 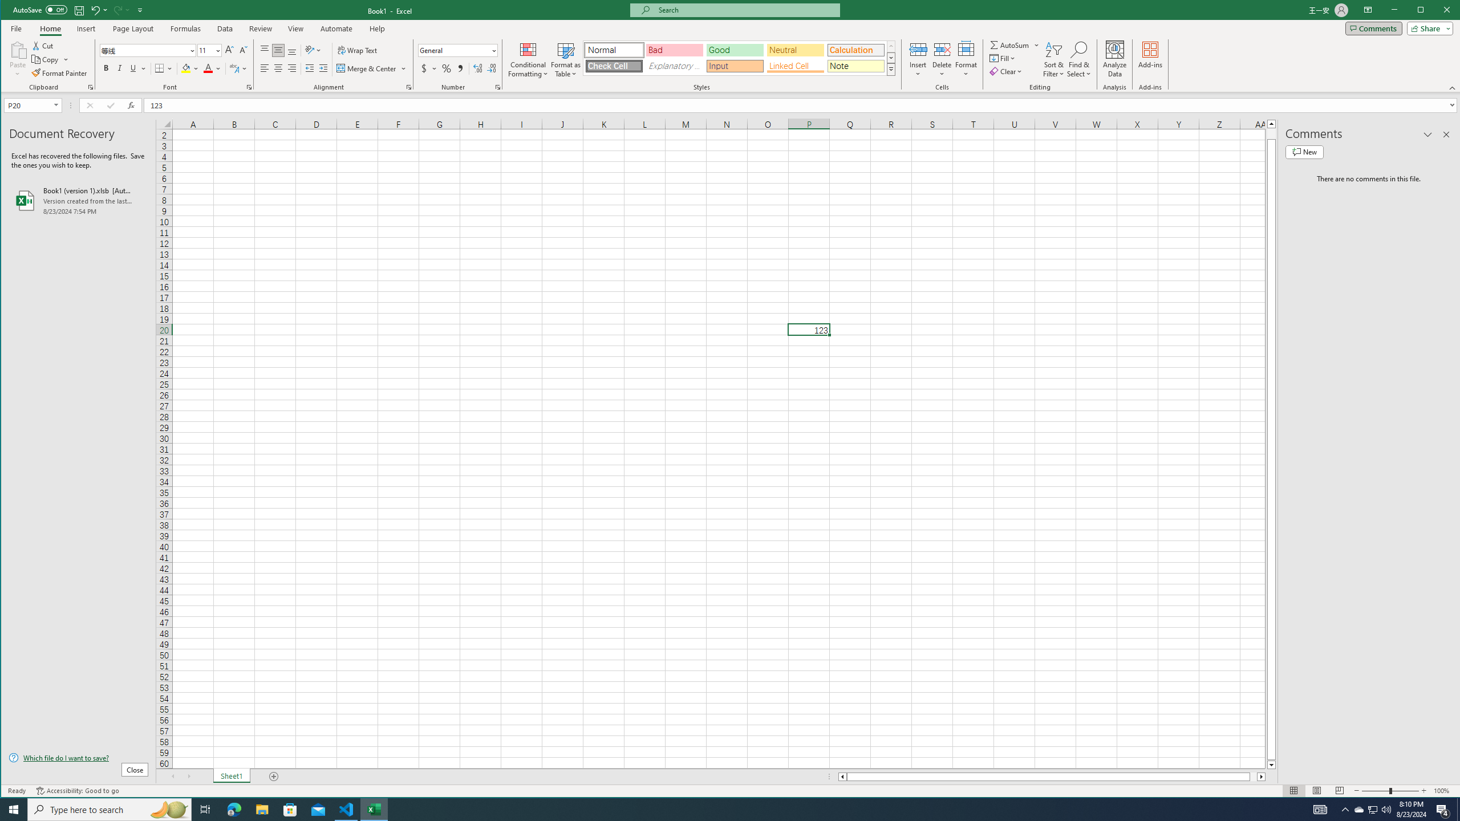 I want to click on 'Task View', so click(x=204, y=808).